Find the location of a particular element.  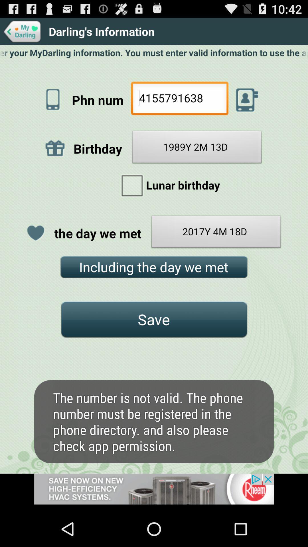

the contact list is located at coordinates (247, 100).